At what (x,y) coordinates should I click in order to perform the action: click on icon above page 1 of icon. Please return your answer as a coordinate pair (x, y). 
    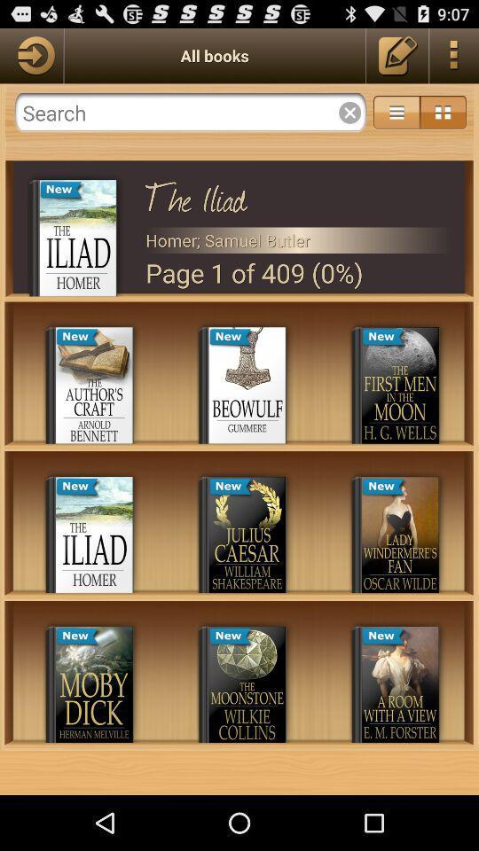
    Looking at the image, I should click on (298, 239).